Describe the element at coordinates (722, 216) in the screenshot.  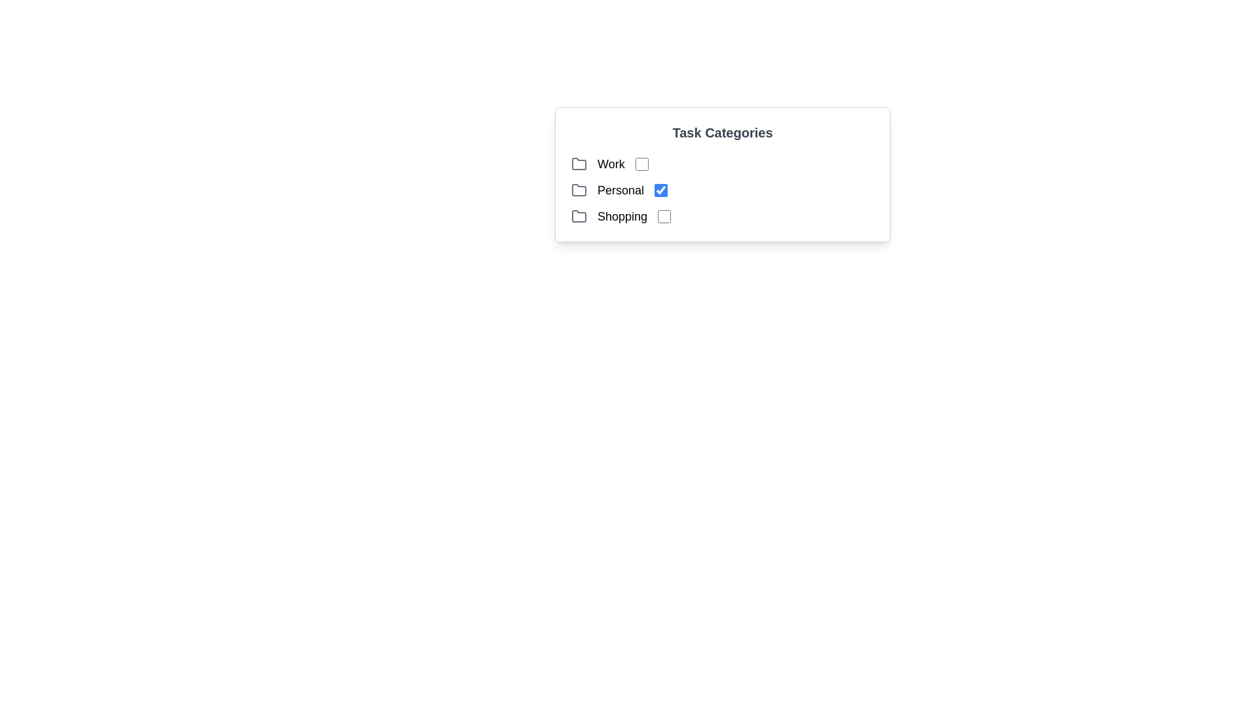
I see `the 'Shopping' checkbox in the third row of the 'Task Categories' list` at that location.